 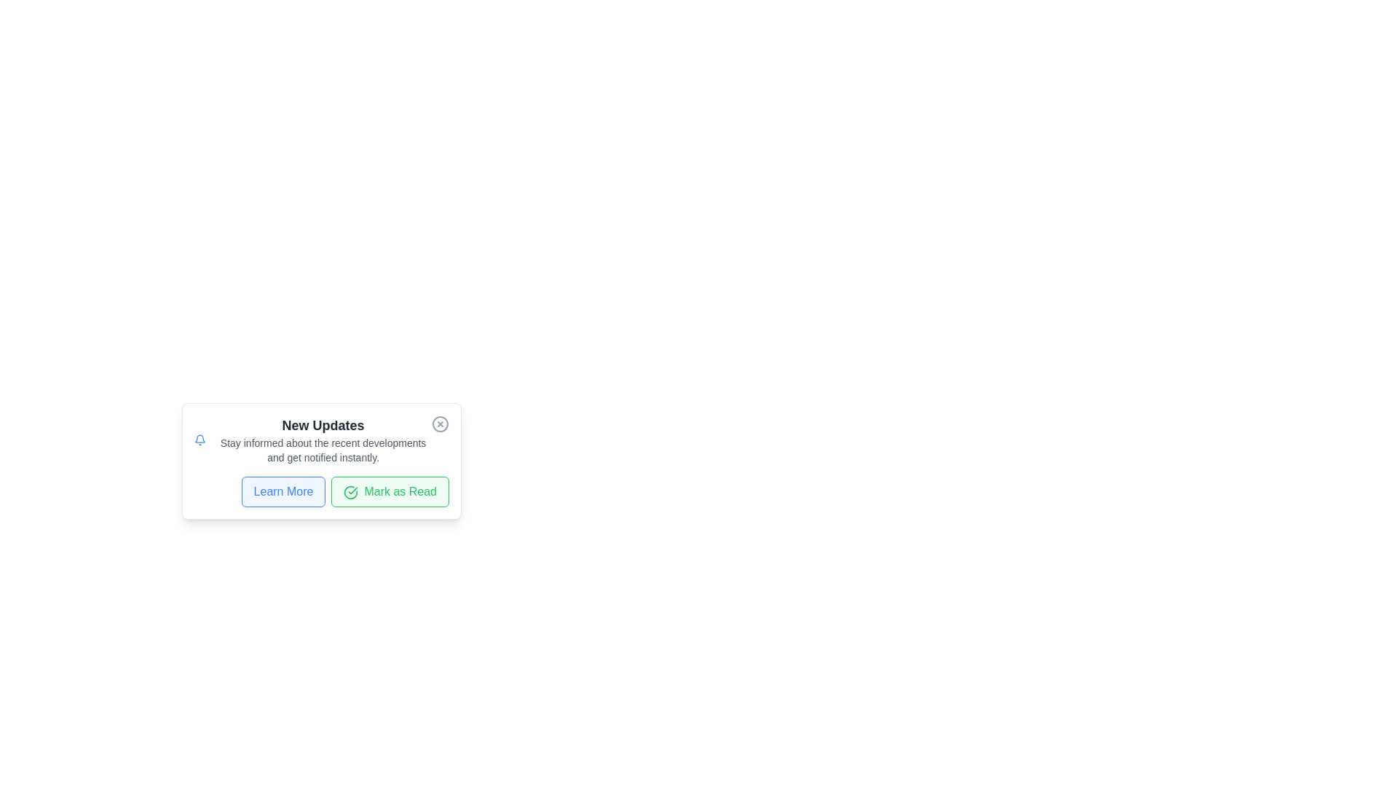 What do you see at coordinates (323, 449) in the screenshot?
I see `the text element styled in gray that reads 'Stay informed about the recent developments and get notified instantly.' located beneath the title 'New Updates.'` at bounding box center [323, 449].